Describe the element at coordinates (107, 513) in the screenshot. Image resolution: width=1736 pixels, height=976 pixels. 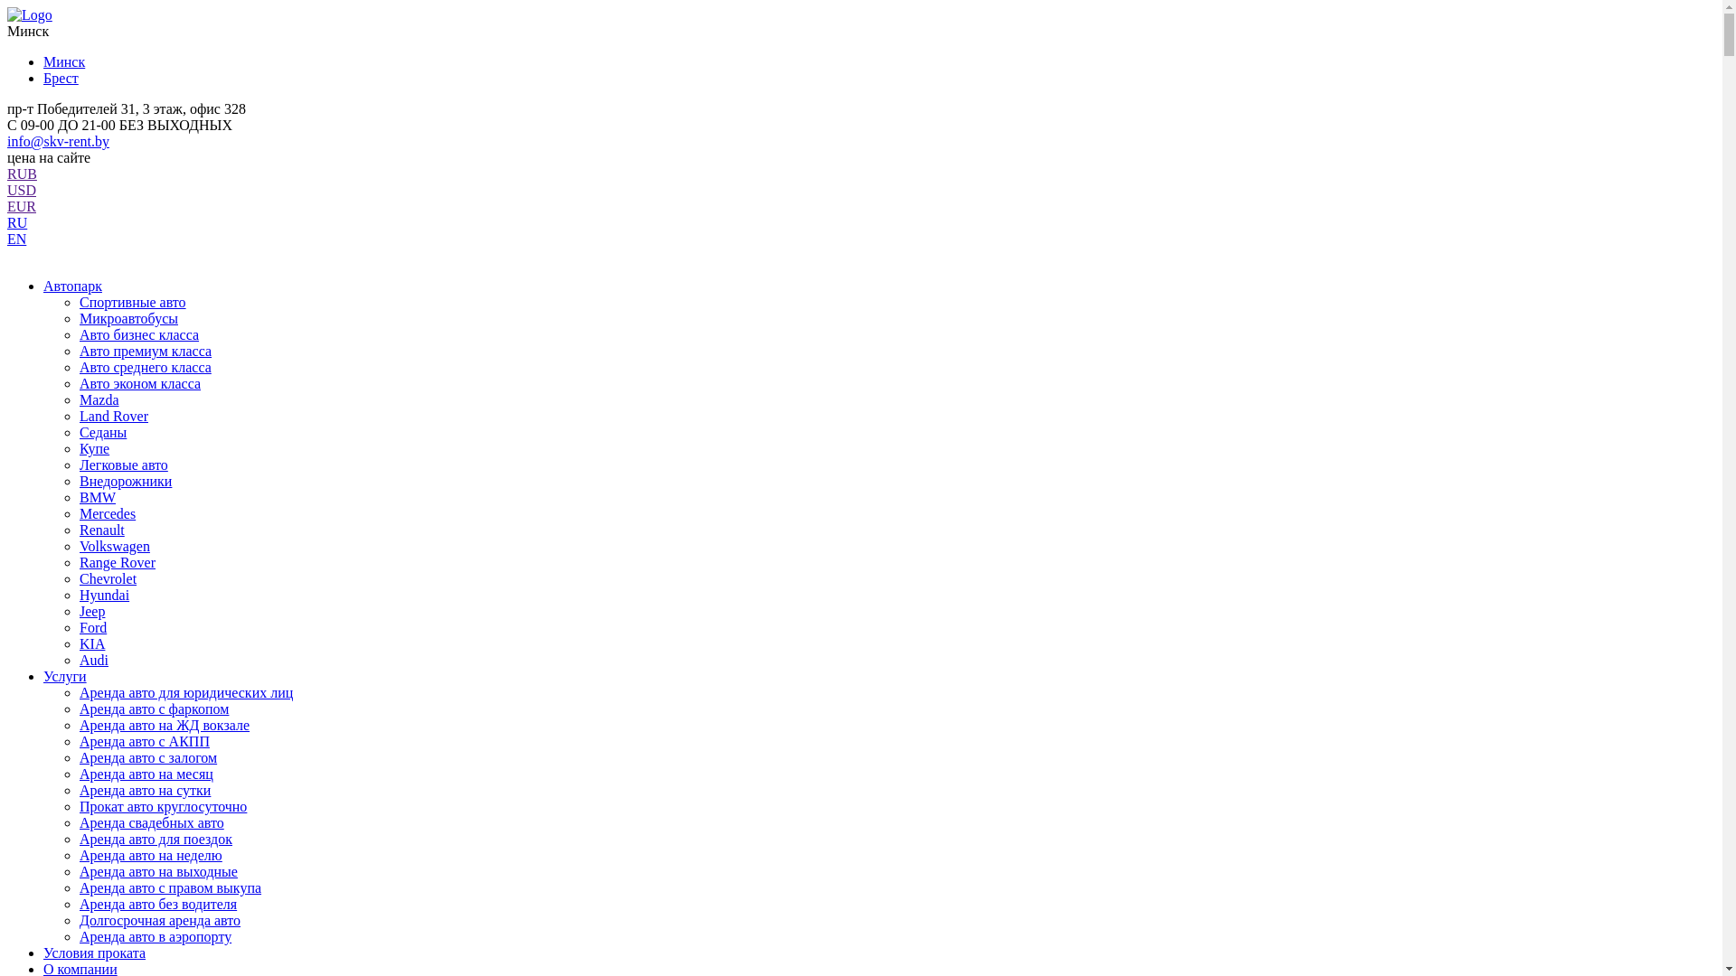
I see `'Mercedes'` at that location.